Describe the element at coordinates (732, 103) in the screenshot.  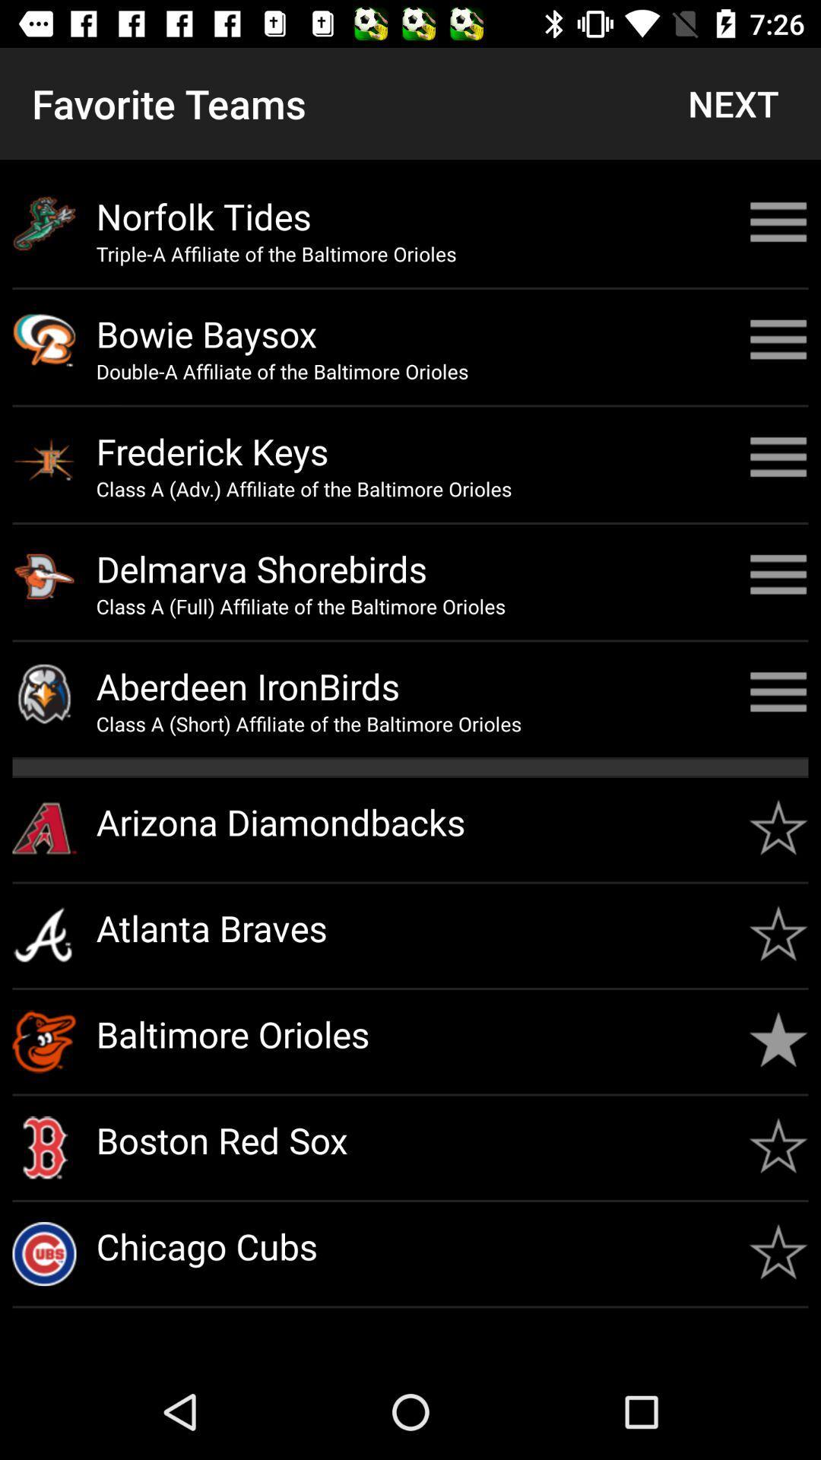
I see `the next item` at that location.